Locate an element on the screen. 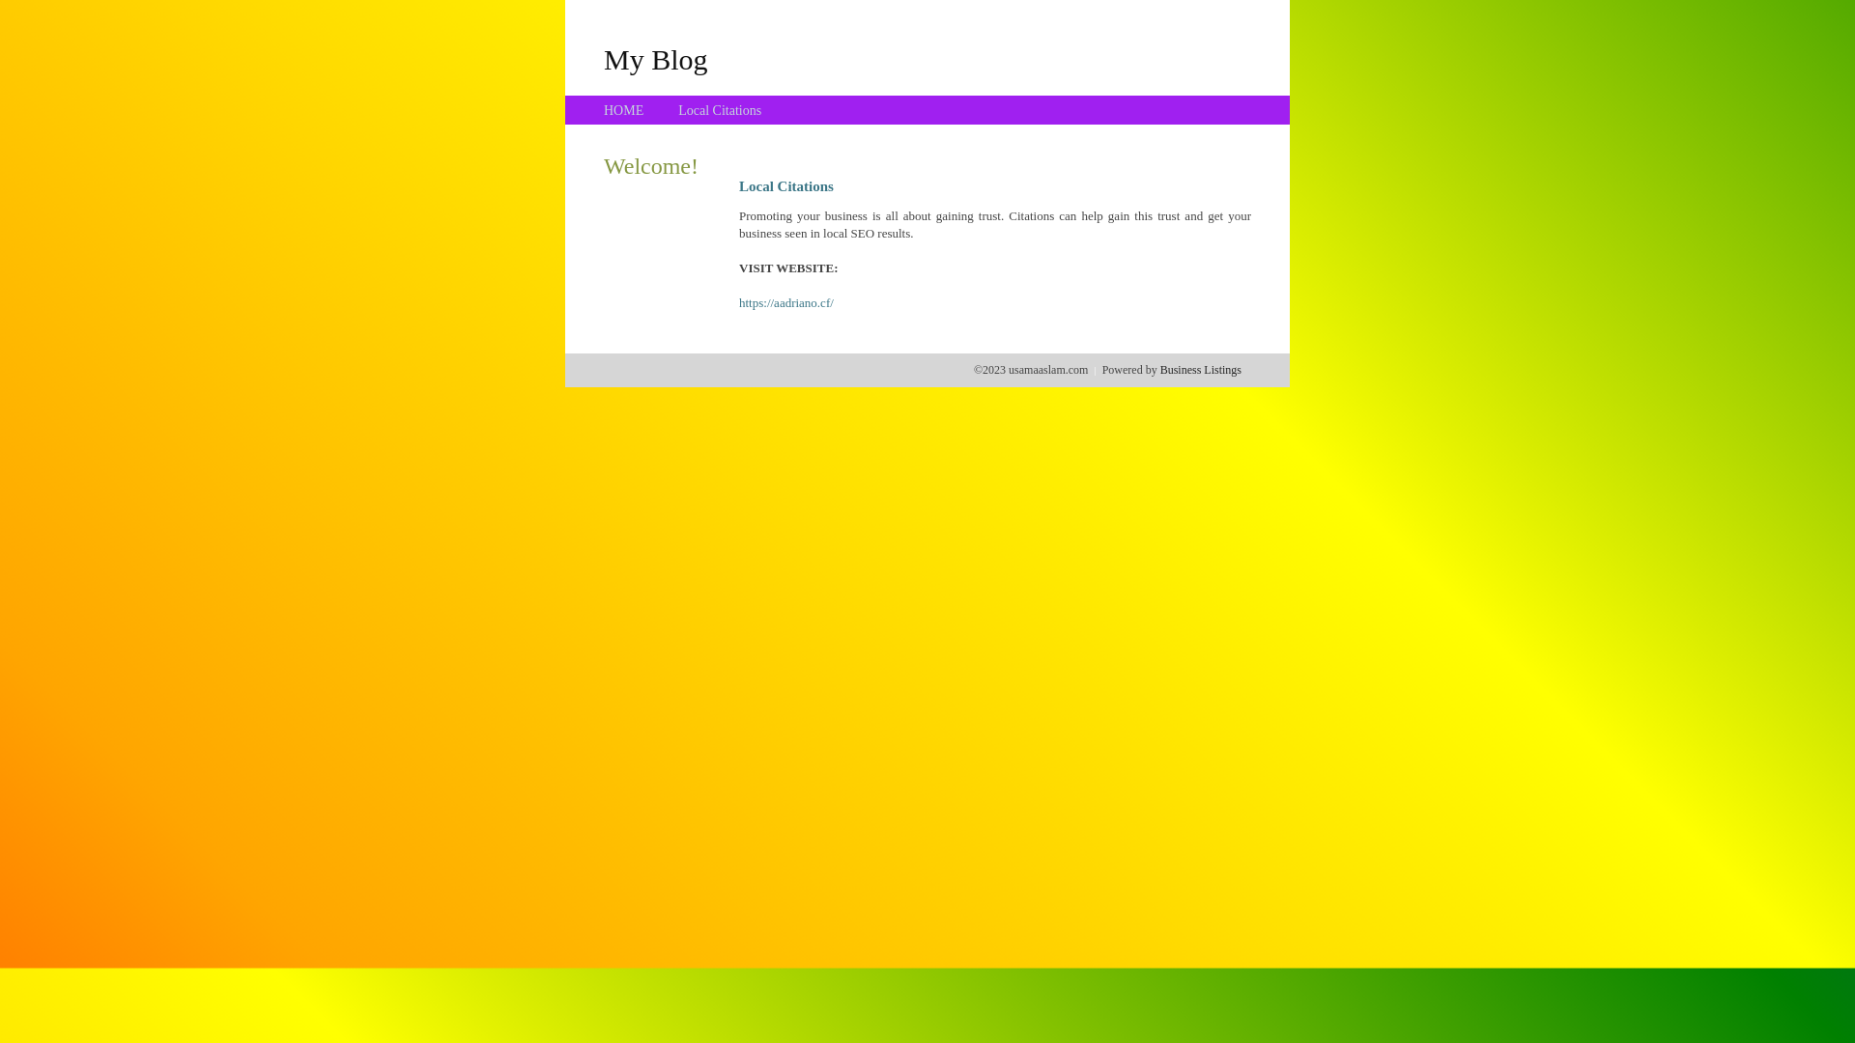  'HOME' is located at coordinates (623, 110).